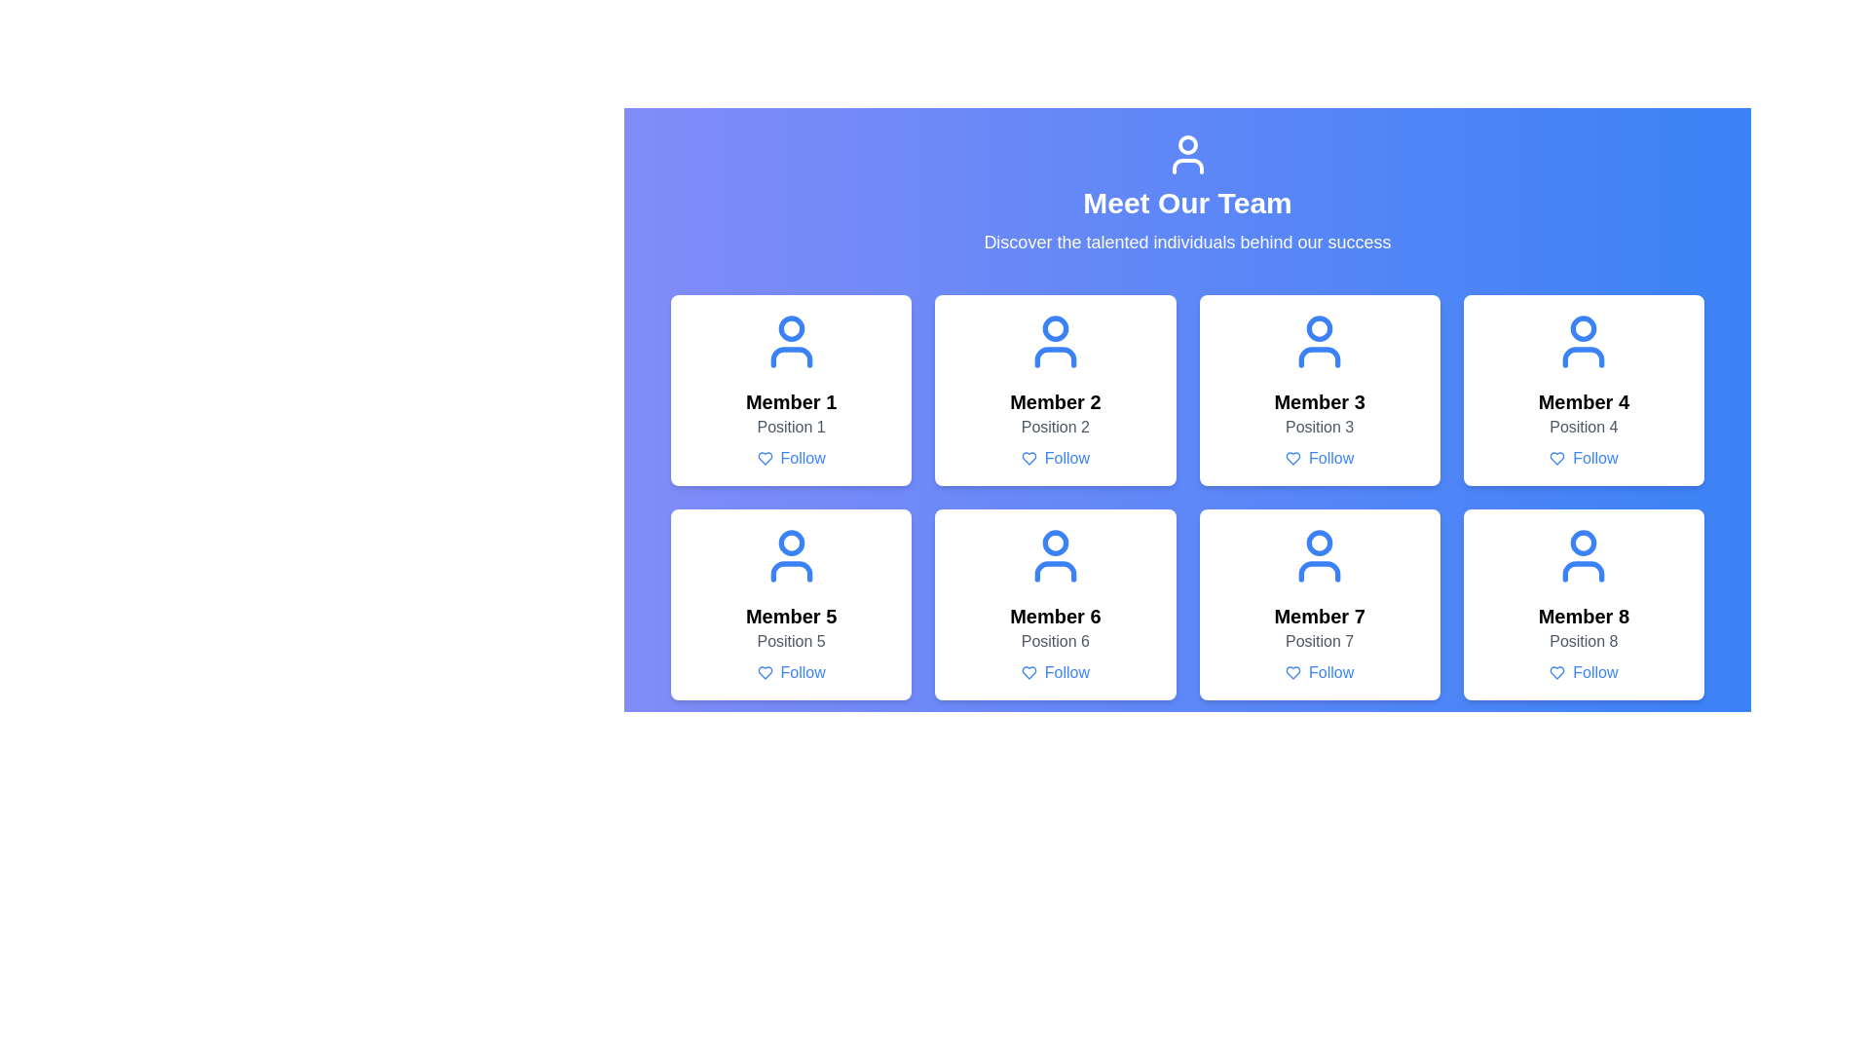 The height and width of the screenshot is (1052, 1870). What do you see at coordinates (1054, 458) in the screenshot?
I see `the 'Follow' button next to the heart icon for 'Member 2'` at bounding box center [1054, 458].